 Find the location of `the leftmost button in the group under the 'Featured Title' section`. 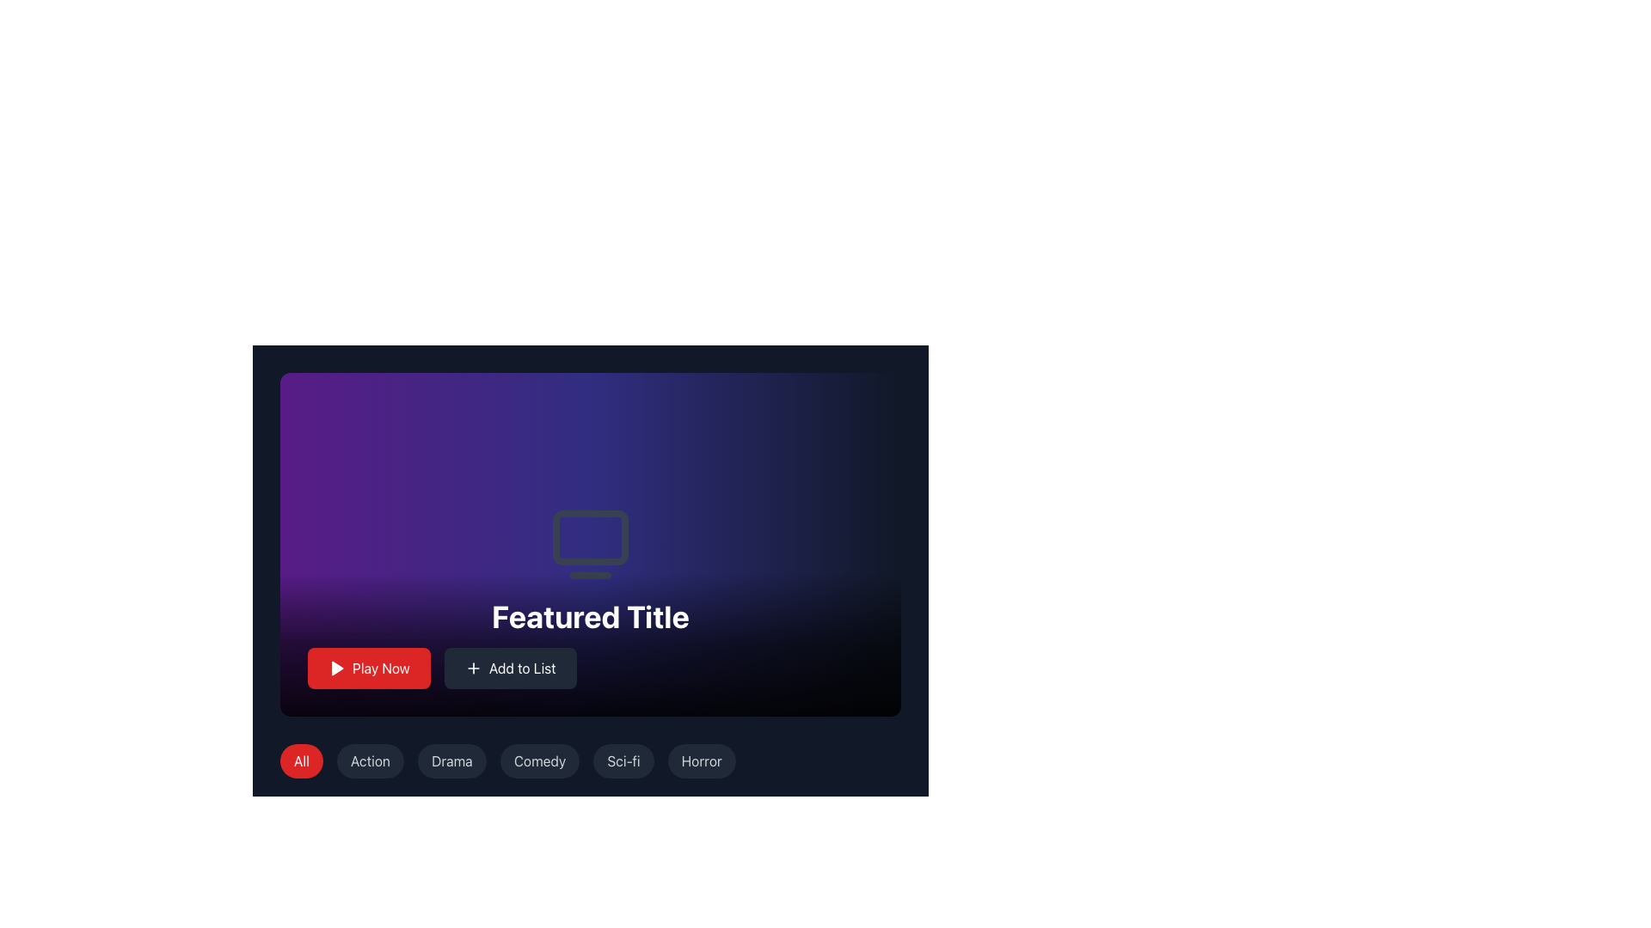

the leftmost button in the group under the 'Featured Title' section is located at coordinates (368, 668).